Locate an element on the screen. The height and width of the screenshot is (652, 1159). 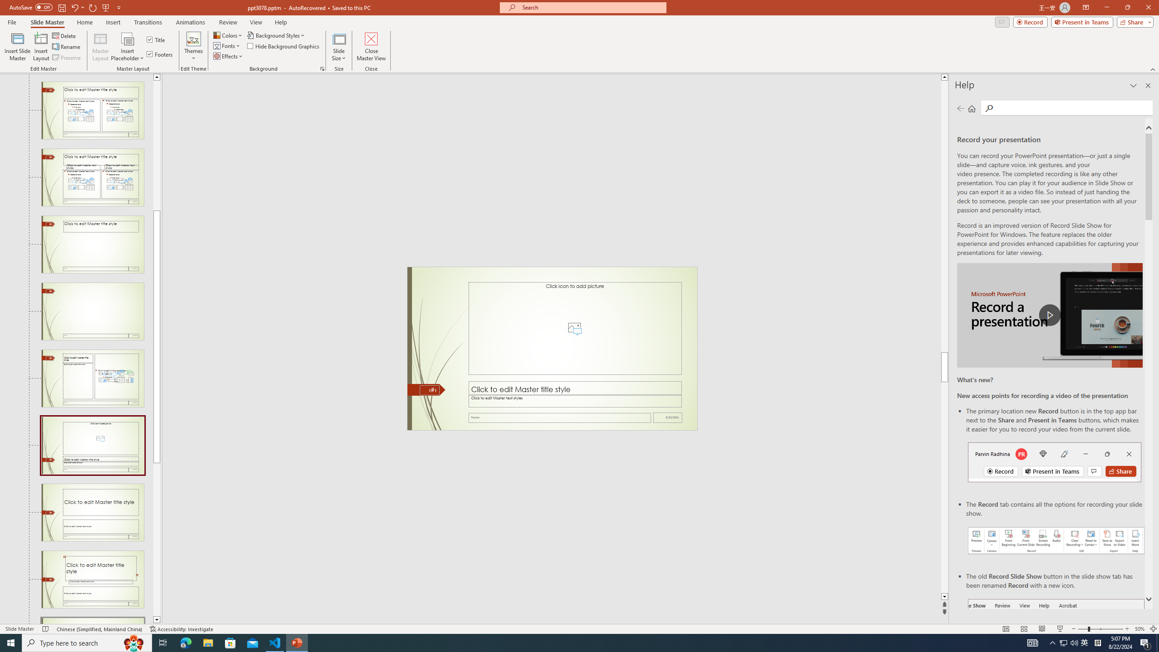
'Slide Content with Caption Layout: used by no slides' is located at coordinates (92, 378).